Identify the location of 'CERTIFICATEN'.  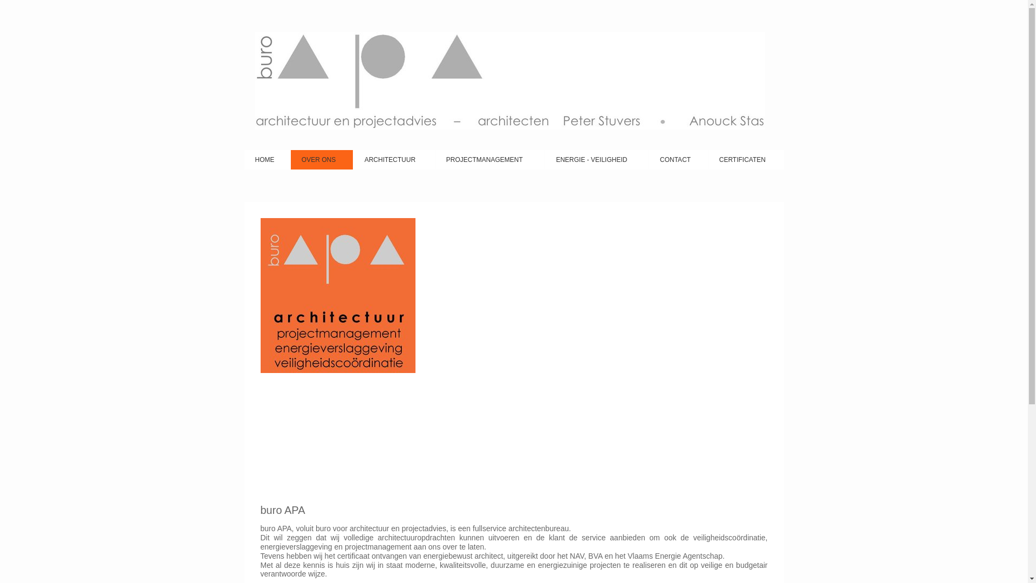
(708, 160).